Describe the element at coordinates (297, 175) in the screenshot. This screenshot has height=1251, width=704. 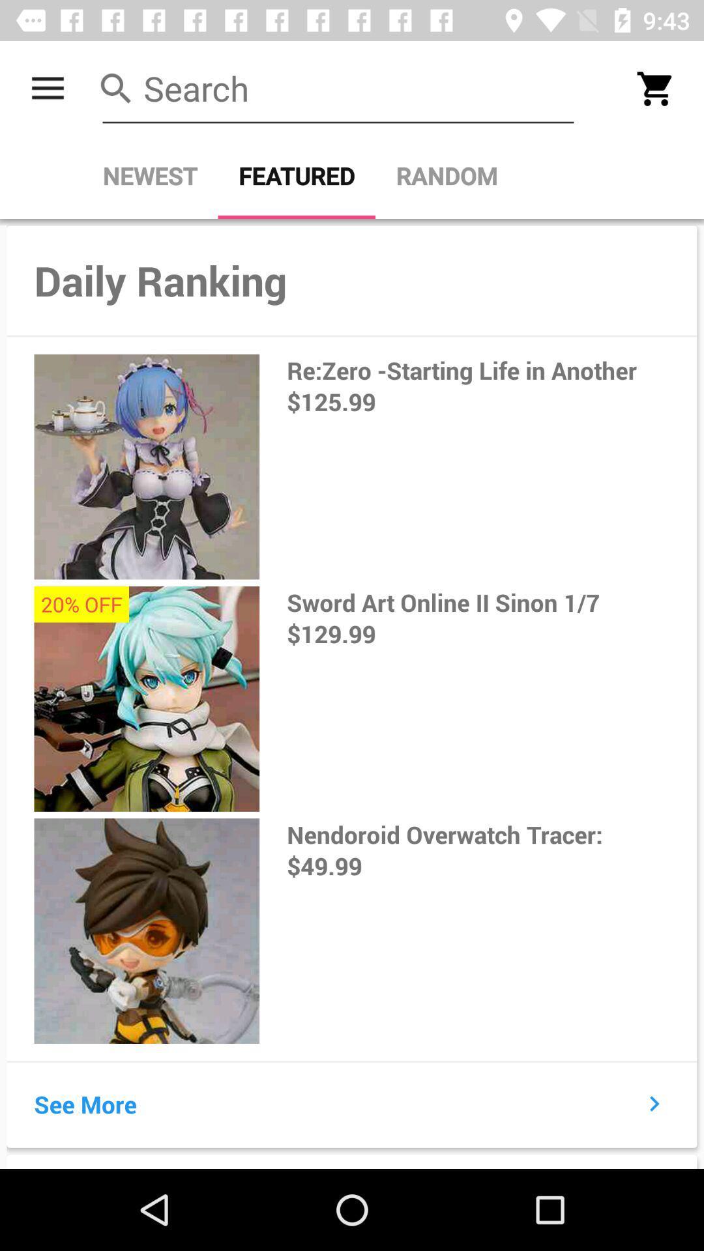
I see `item to the right of the newest item` at that location.